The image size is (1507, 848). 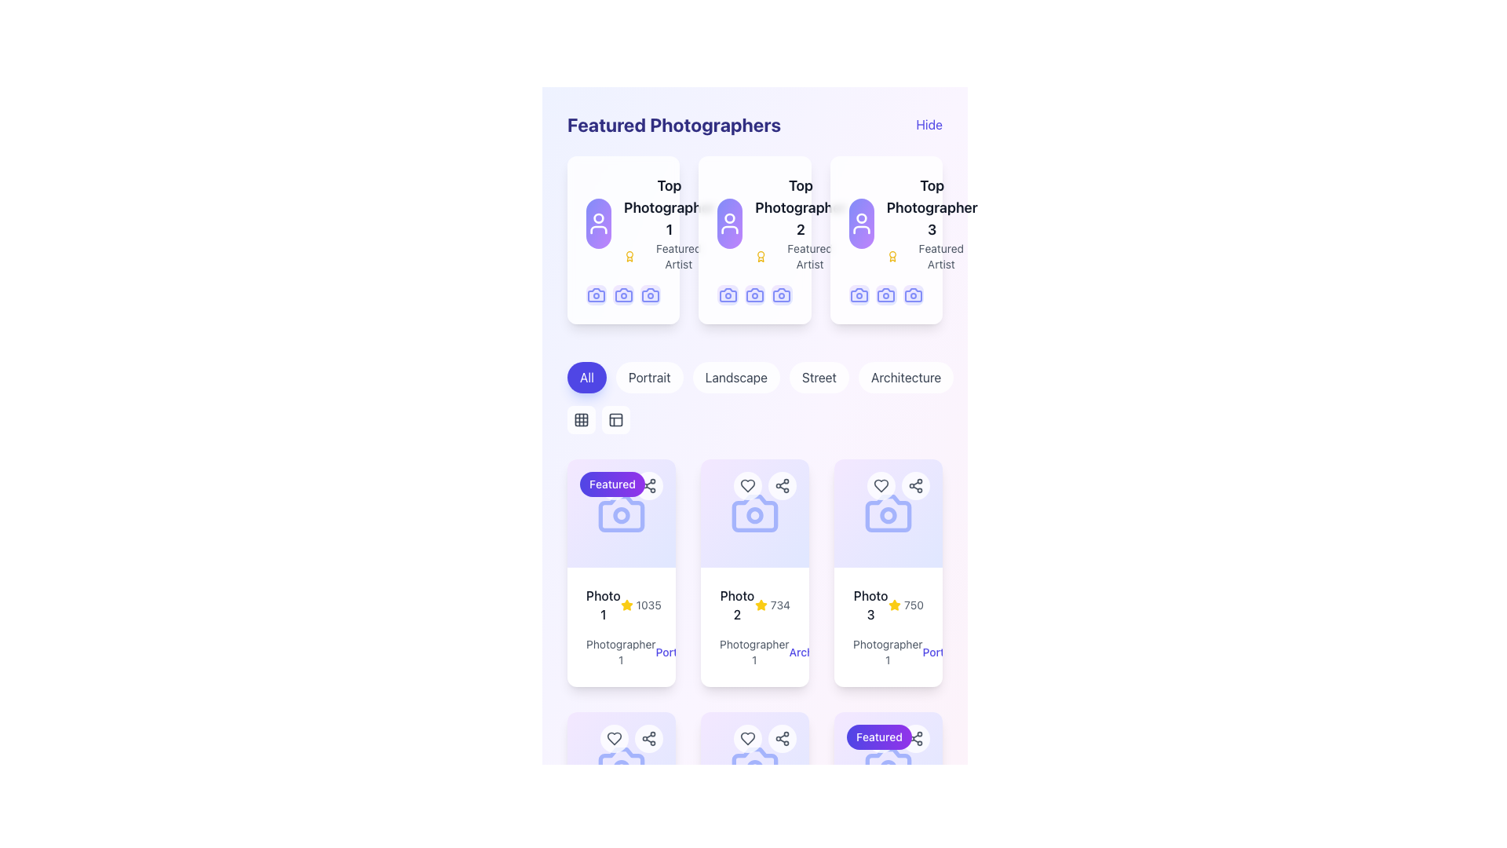 I want to click on the recognition icon located at the top left of the 'Top Photographer 1' card, so click(x=629, y=256).